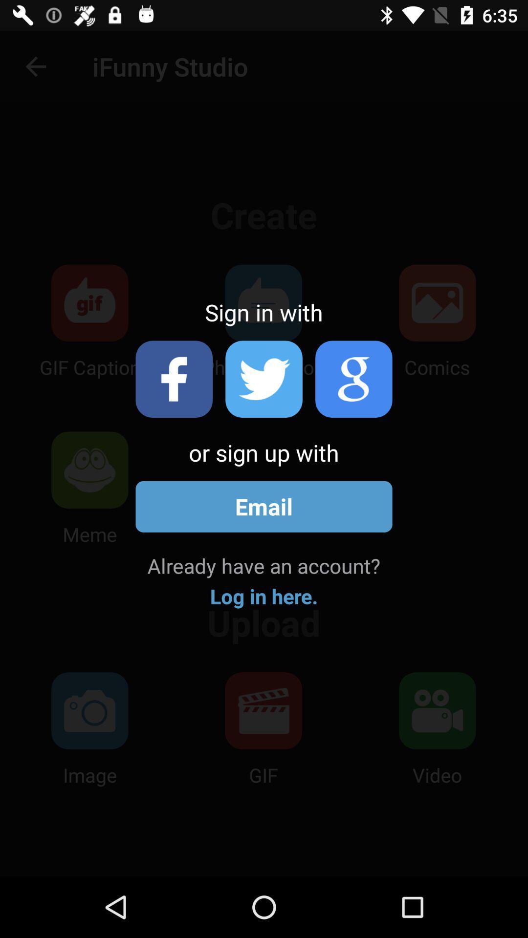 The height and width of the screenshot is (938, 528). I want to click on login with facebook account, so click(174, 379).